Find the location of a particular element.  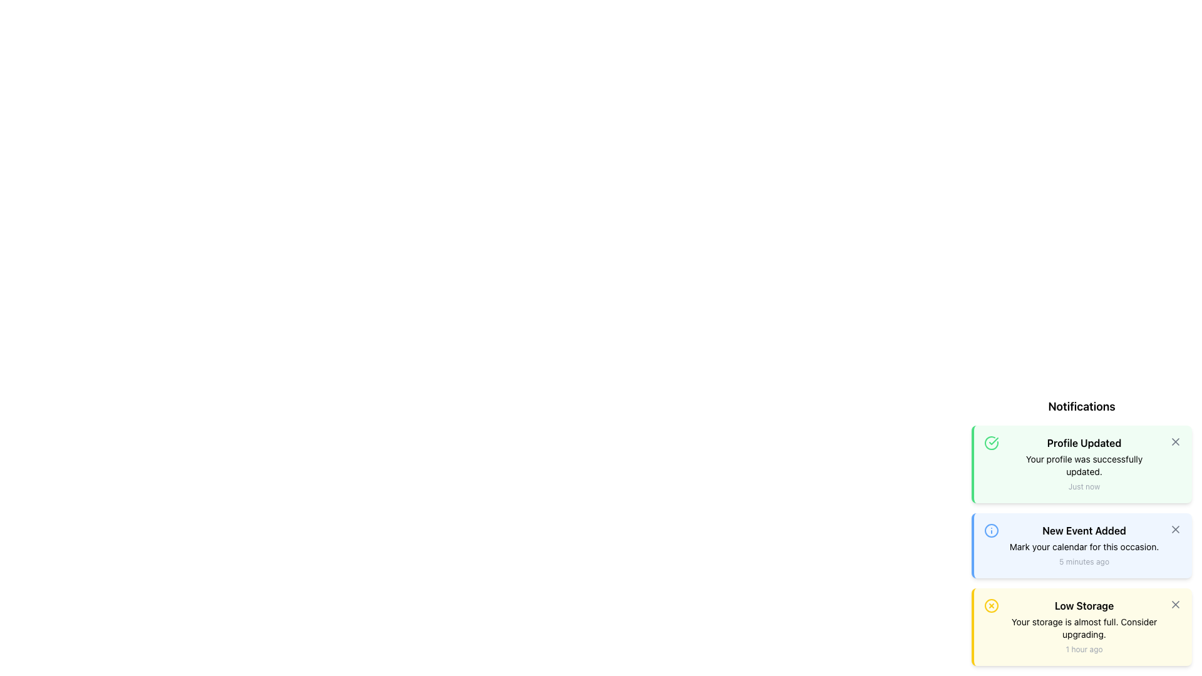

the red 'X' close button located in the top-right corner of the 'Low Storage' notification card is located at coordinates (1174, 603).